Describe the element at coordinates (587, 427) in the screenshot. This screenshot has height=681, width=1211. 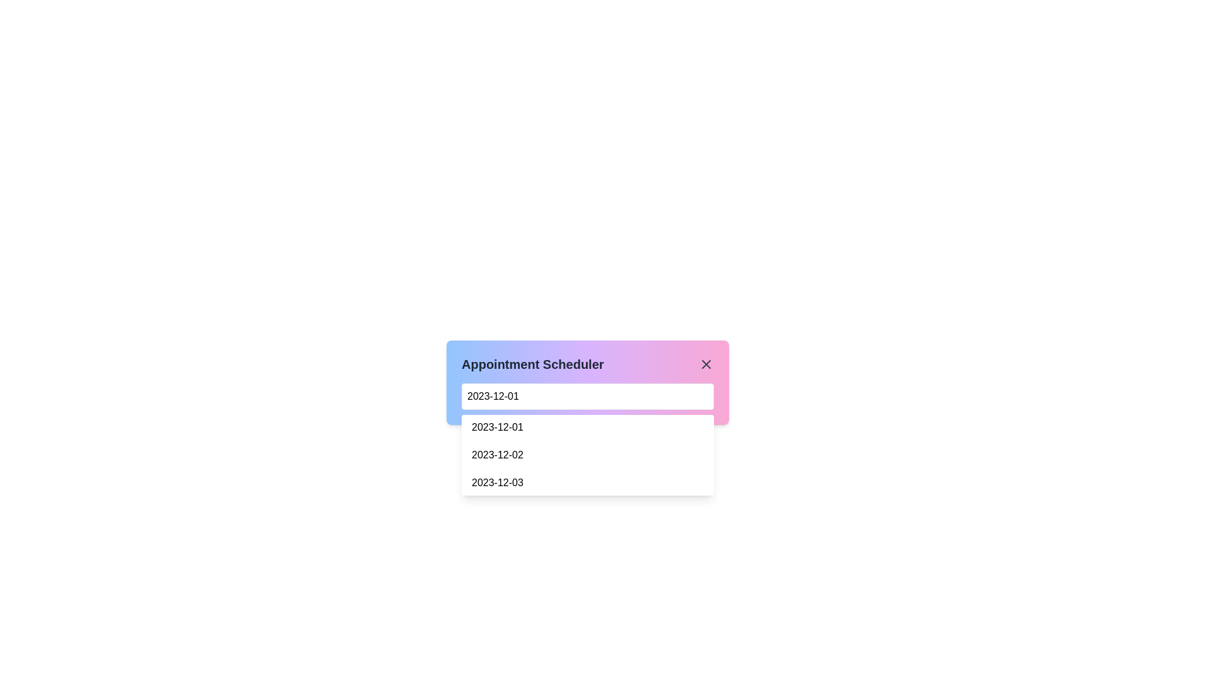
I see `the first interactive date selection option in the dropdown menu labeled 'Appointment Scheduler'` at that location.